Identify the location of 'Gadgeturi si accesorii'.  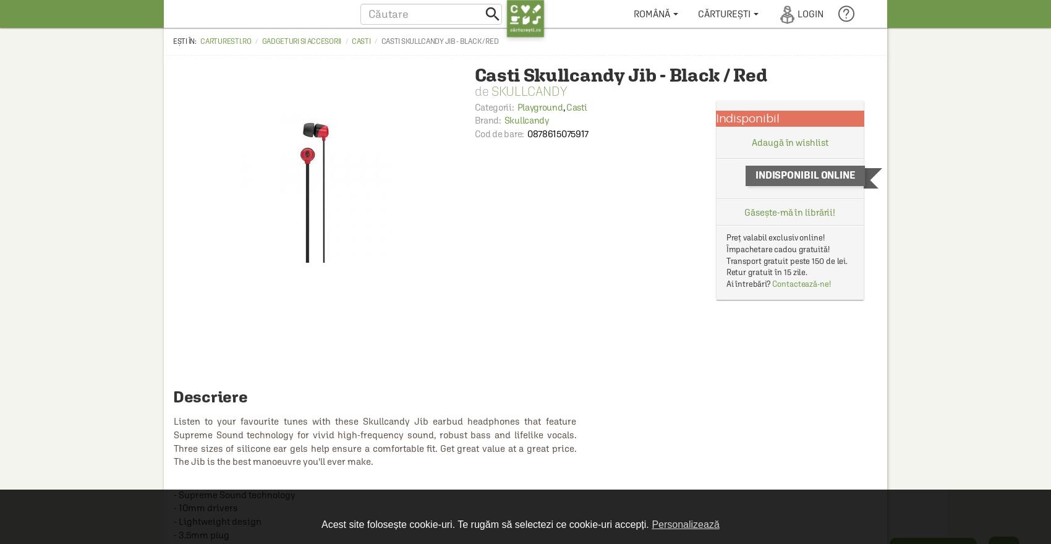
(301, 41).